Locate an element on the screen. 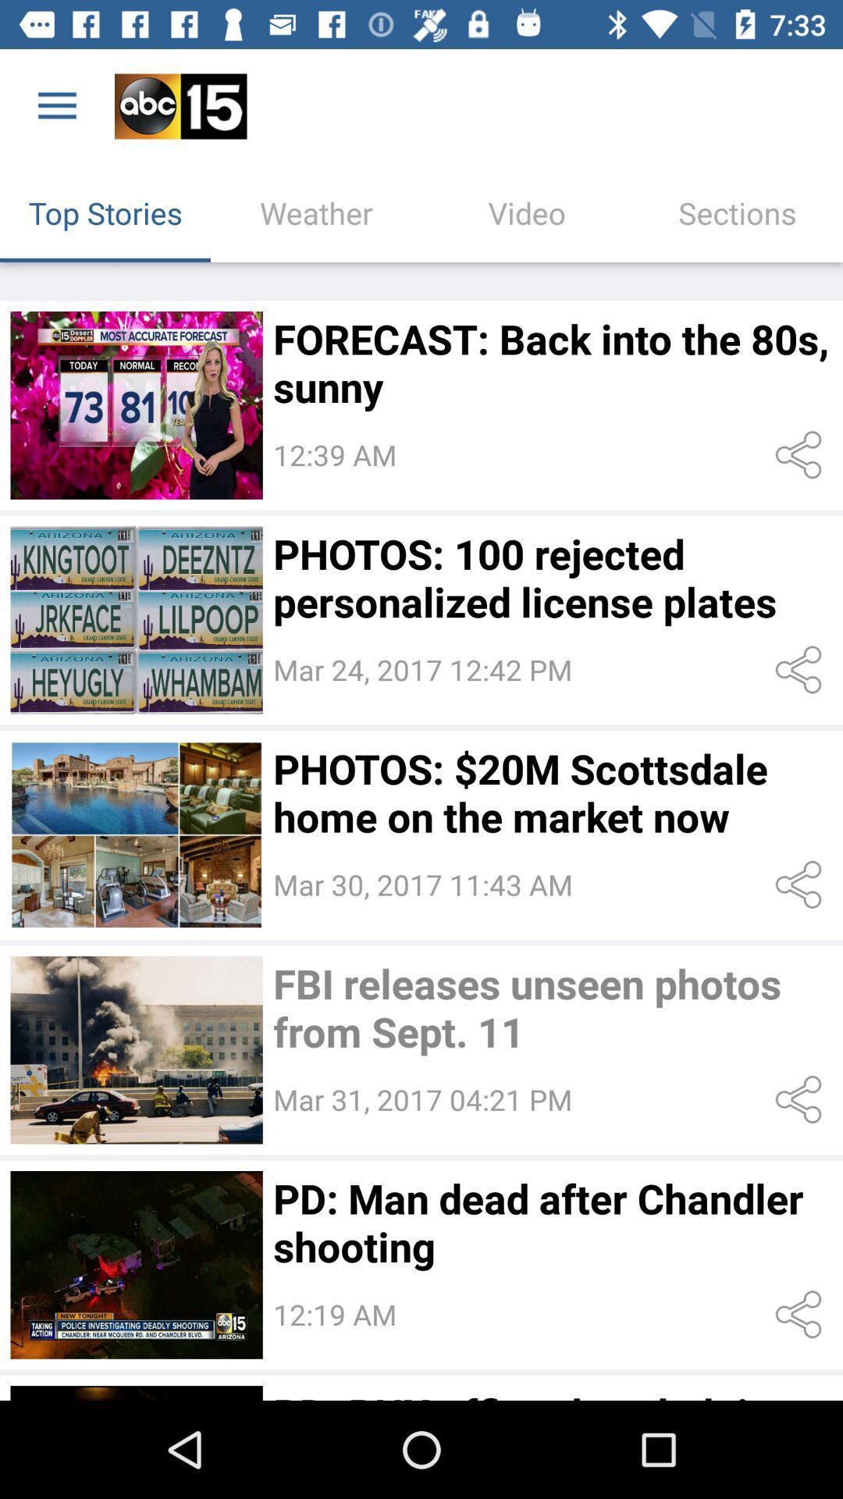 This screenshot has height=1499, width=843. video is located at coordinates (136, 1050).